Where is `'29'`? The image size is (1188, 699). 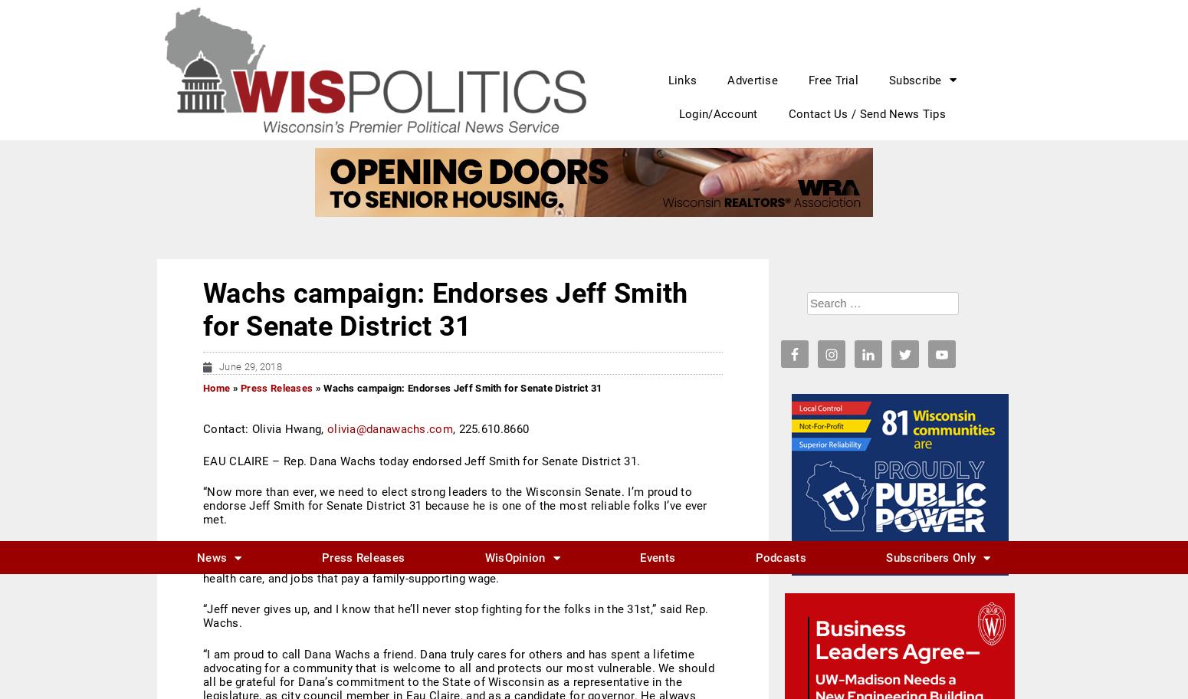 '29' is located at coordinates (800, 319).